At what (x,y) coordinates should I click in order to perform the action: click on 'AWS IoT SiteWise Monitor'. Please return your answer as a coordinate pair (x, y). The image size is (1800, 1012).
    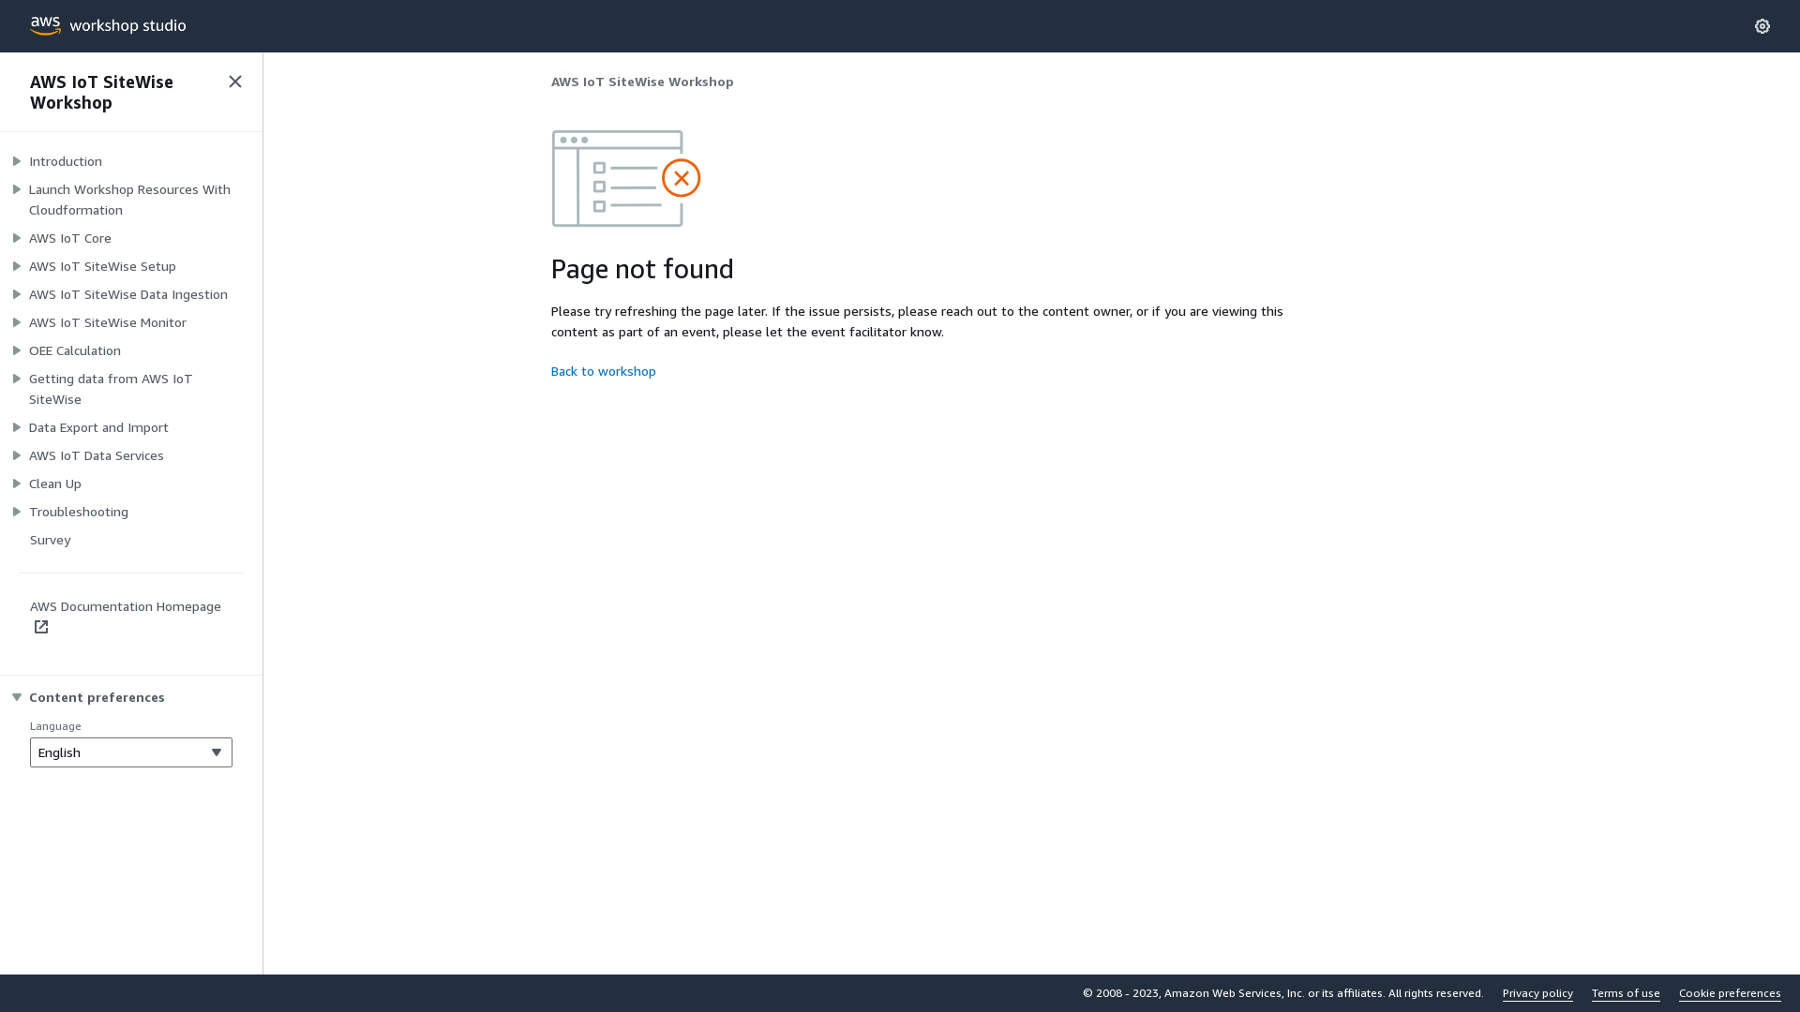
    Looking at the image, I should click on (107, 320).